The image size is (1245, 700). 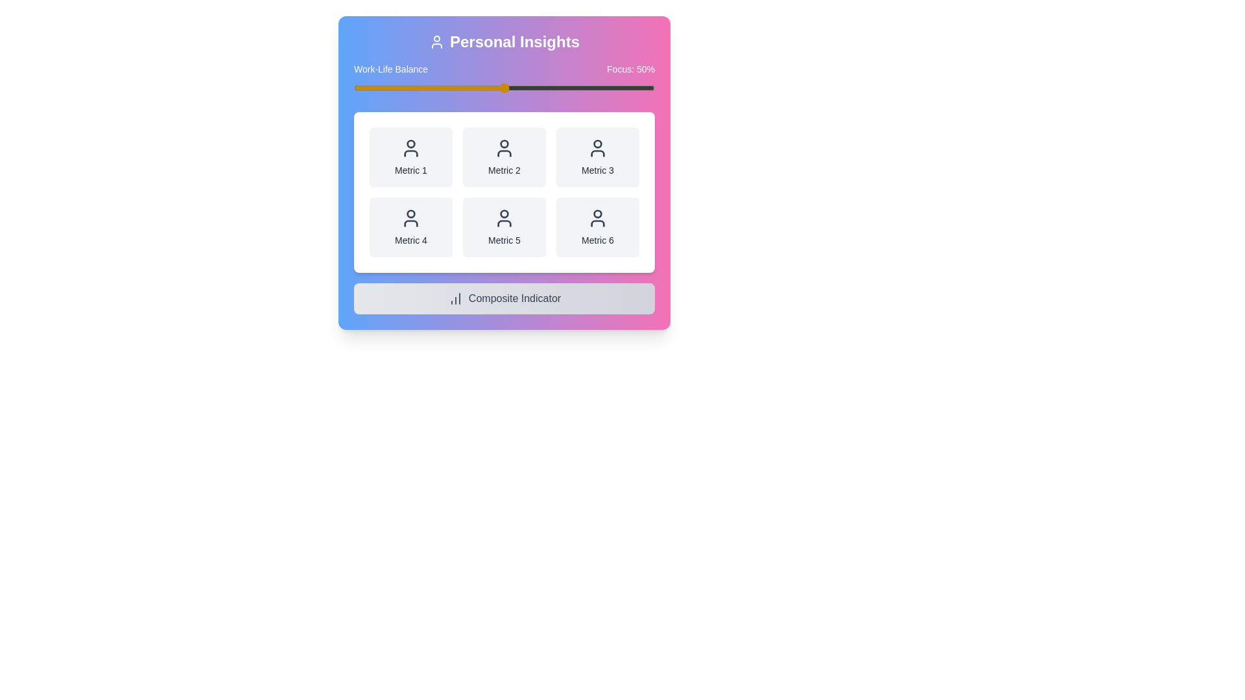 What do you see at coordinates (365, 87) in the screenshot?
I see `the slider to set the focus percentage to 4` at bounding box center [365, 87].